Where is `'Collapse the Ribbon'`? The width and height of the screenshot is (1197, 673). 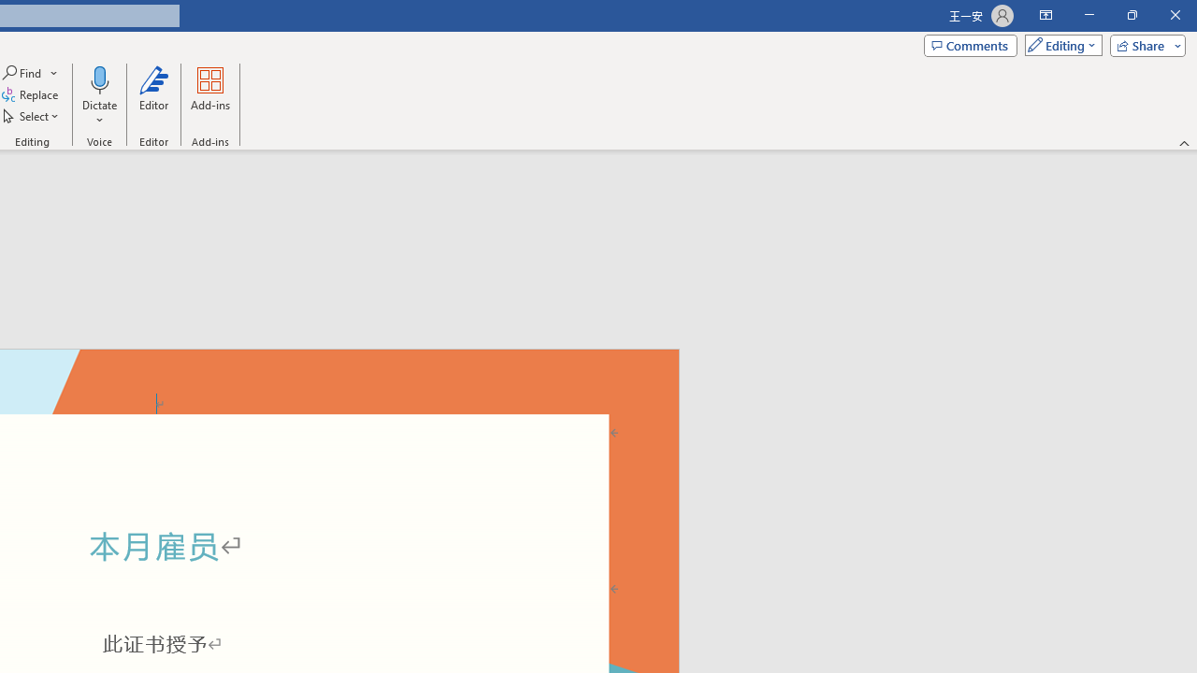
'Collapse the Ribbon' is located at coordinates (1184, 142).